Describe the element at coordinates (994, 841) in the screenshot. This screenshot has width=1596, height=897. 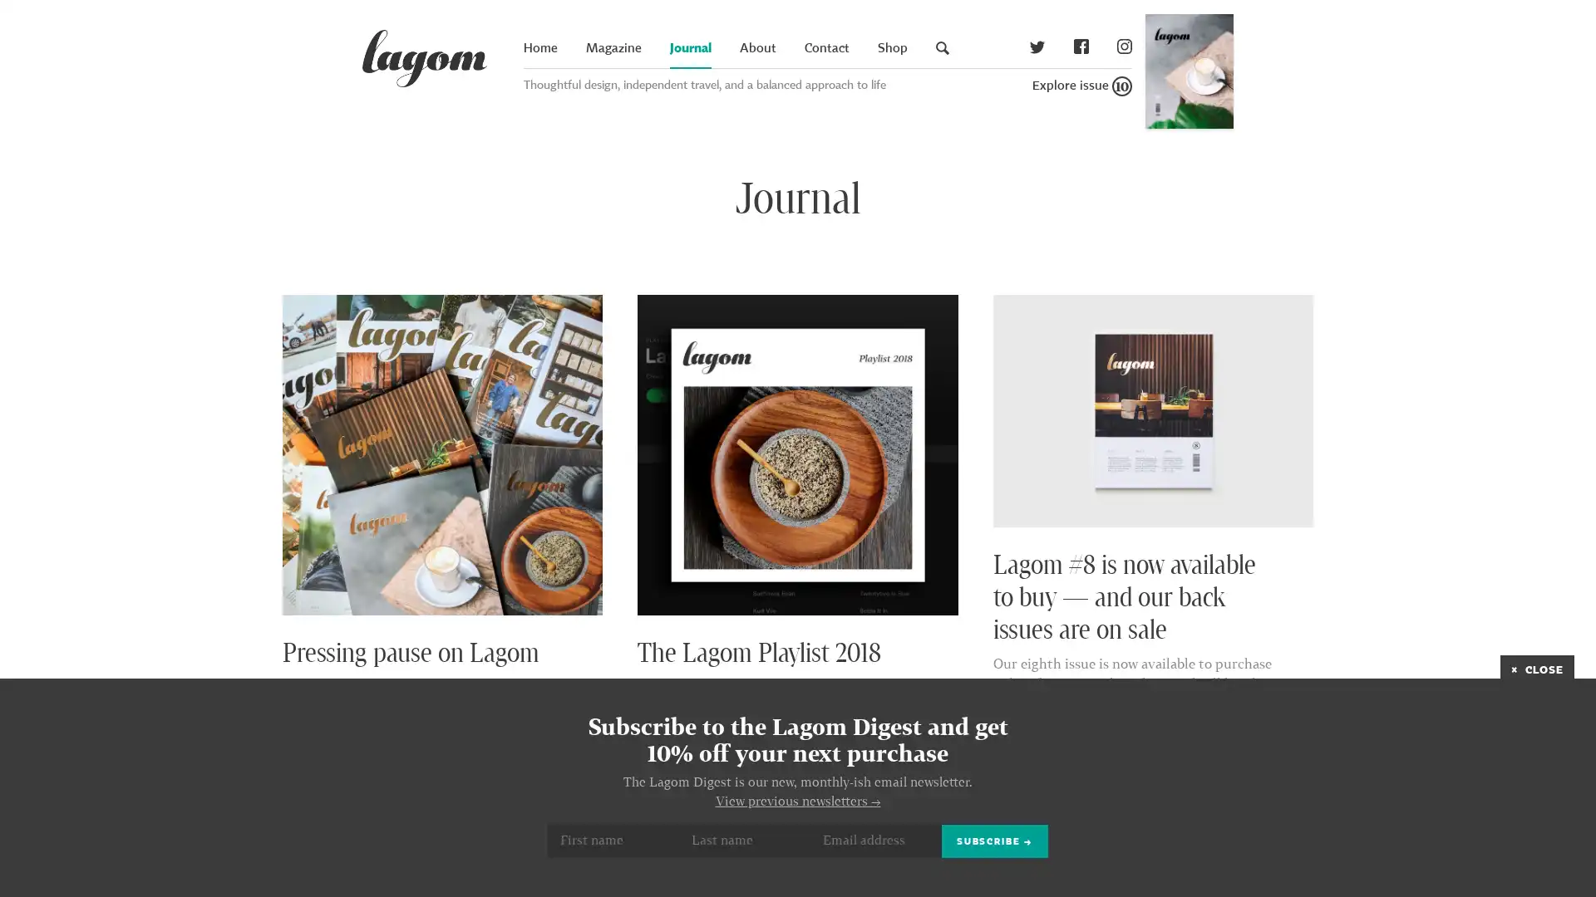
I see `Subscribe` at that location.